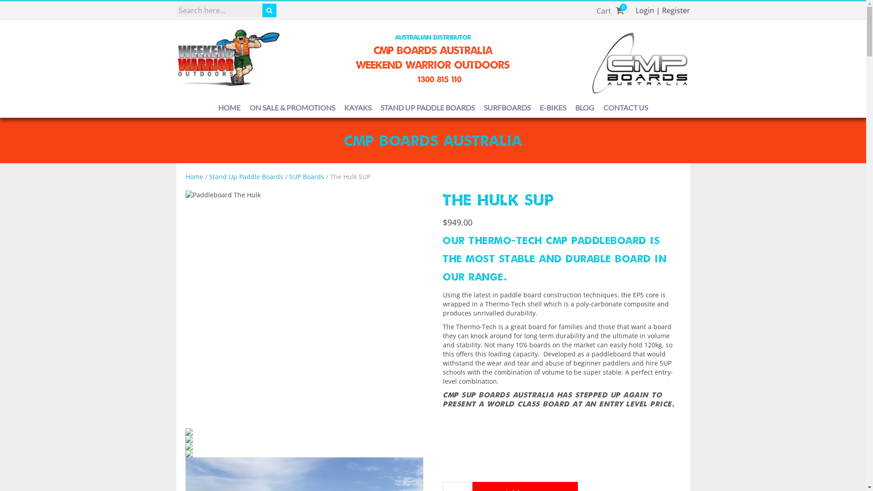 Image resolution: width=873 pixels, height=491 pixels. What do you see at coordinates (194, 176) in the screenshot?
I see `'Home'` at bounding box center [194, 176].